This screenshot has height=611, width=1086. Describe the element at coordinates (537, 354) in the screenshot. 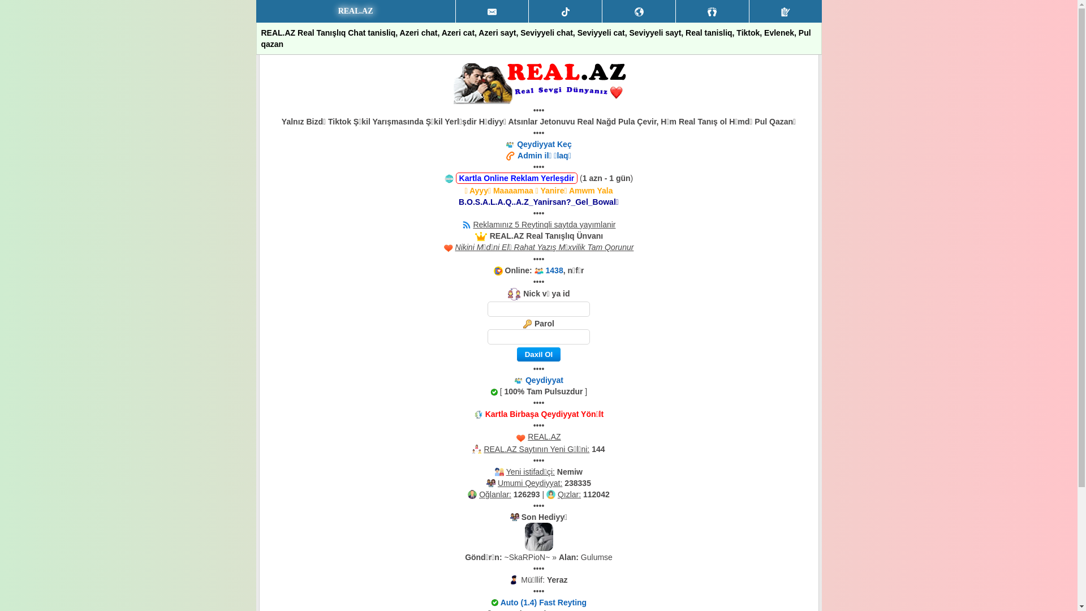

I see `'Daxil Ol'` at that location.